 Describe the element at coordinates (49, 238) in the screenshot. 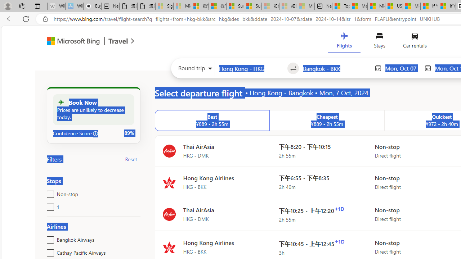

I see `'Bangkok Airways'` at that location.